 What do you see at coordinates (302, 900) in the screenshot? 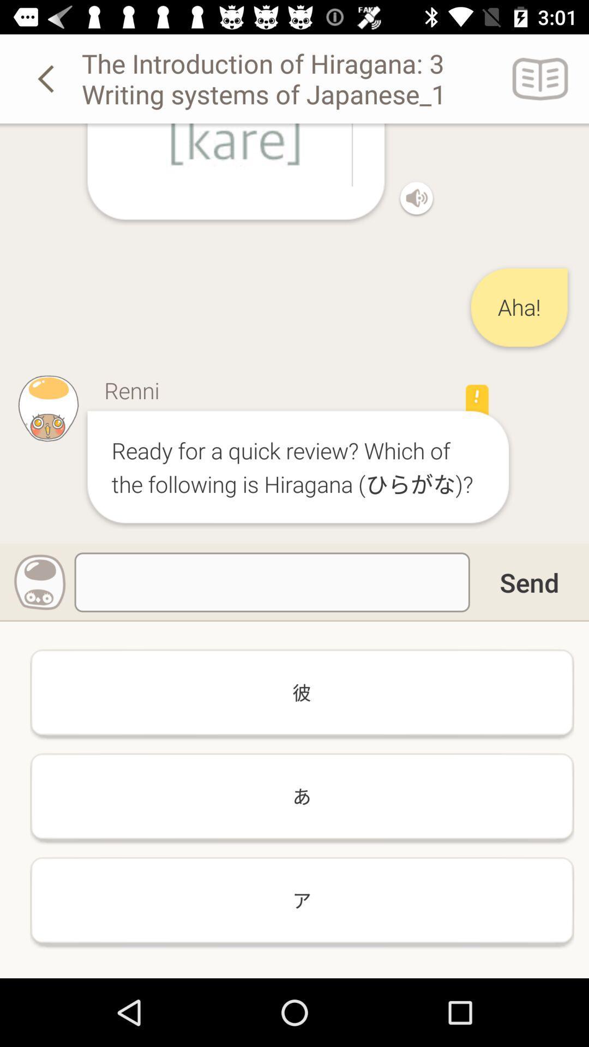
I see `the last text` at bounding box center [302, 900].